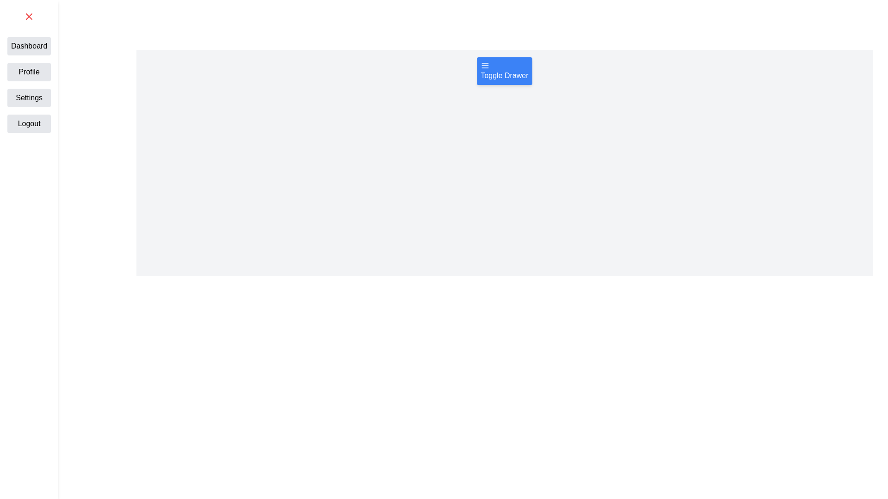  Describe the element at coordinates (29, 16) in the screenshot. I see `the red 'X' button in the top-left corner to close the drawer` at that location.